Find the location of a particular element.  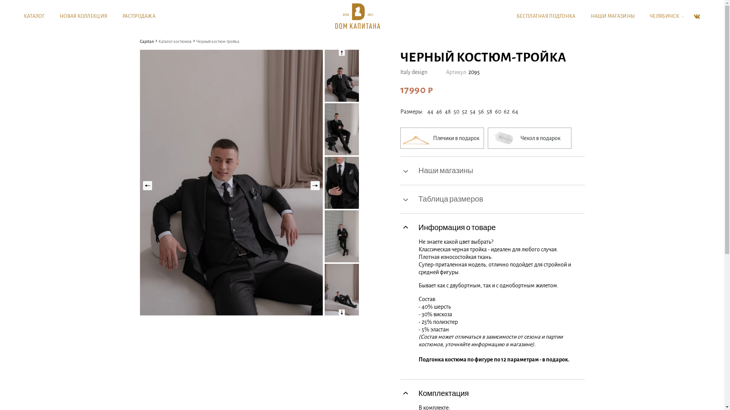

'Capitan' is located at coordinates (147, 41).